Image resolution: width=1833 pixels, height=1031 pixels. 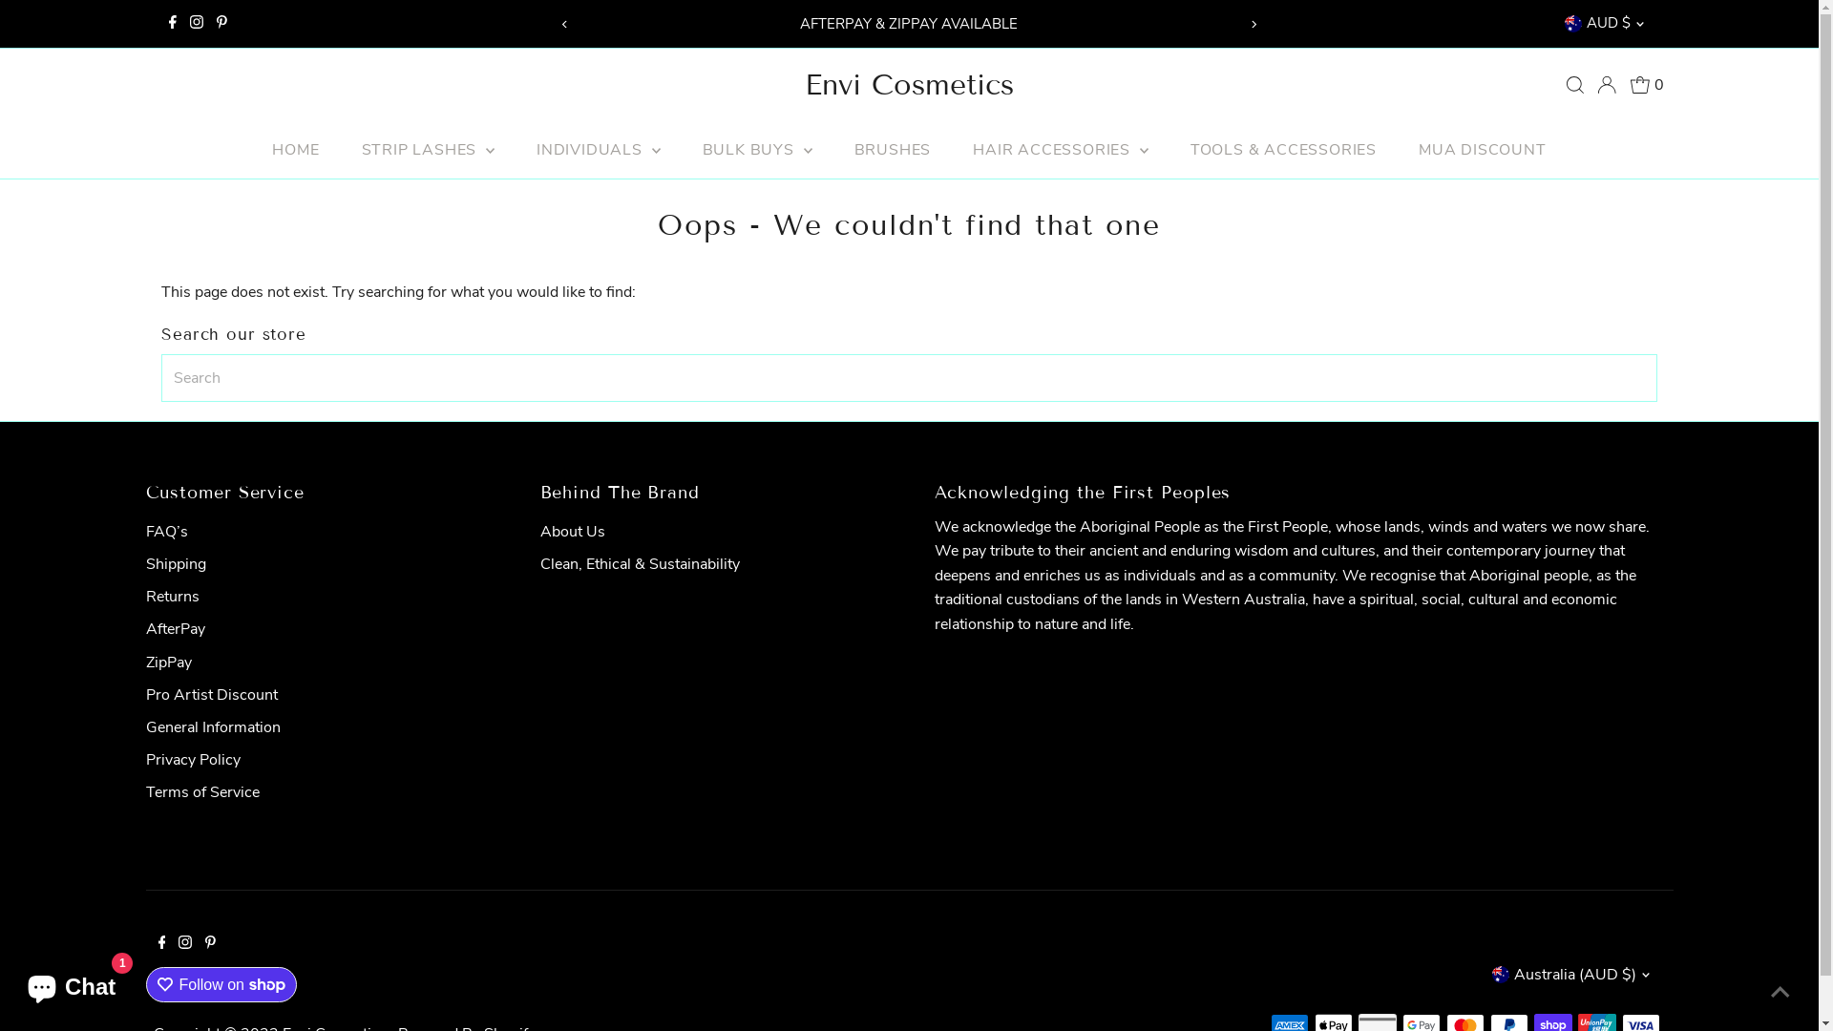 What do you see at coordinates (805, 83) in the screenshot?
I see `'Envi Cosmetics'` at bounding box center [805, 83].